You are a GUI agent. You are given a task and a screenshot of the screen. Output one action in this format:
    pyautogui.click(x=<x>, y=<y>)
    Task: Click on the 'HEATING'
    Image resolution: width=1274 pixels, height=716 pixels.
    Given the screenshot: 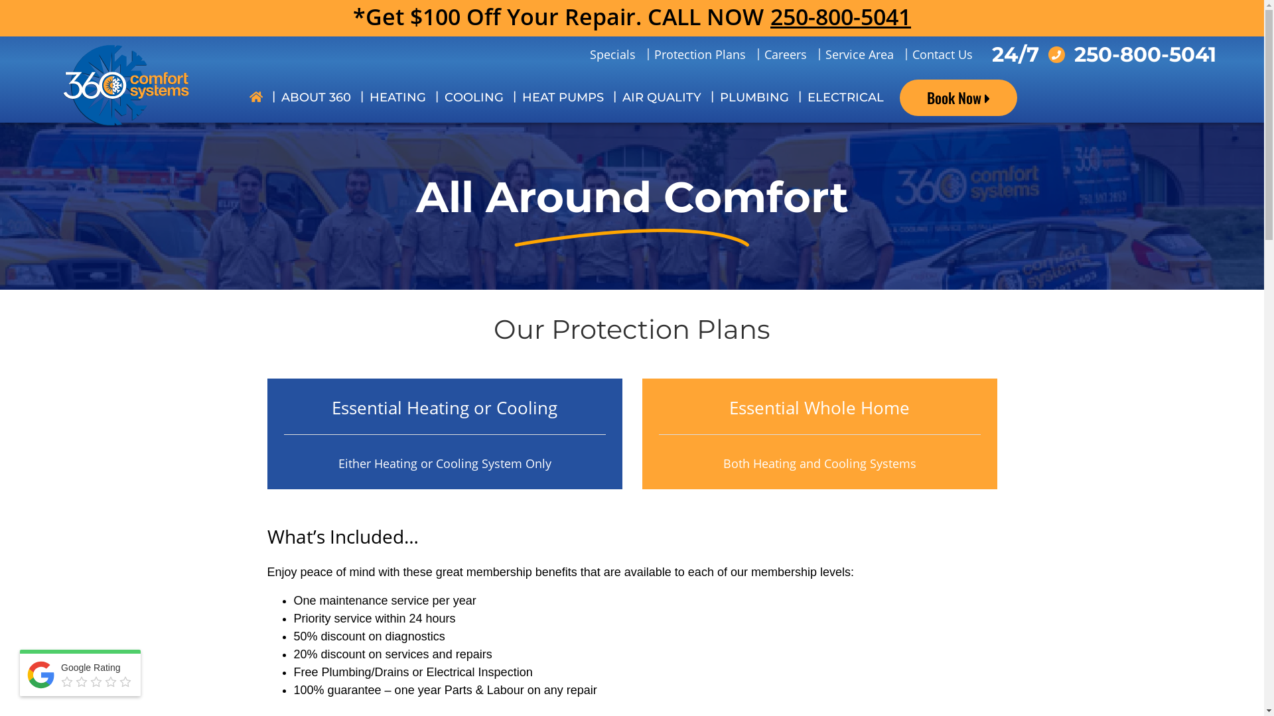 What is the action you would take?
    pyautogui.click(x=397, y=97)
    